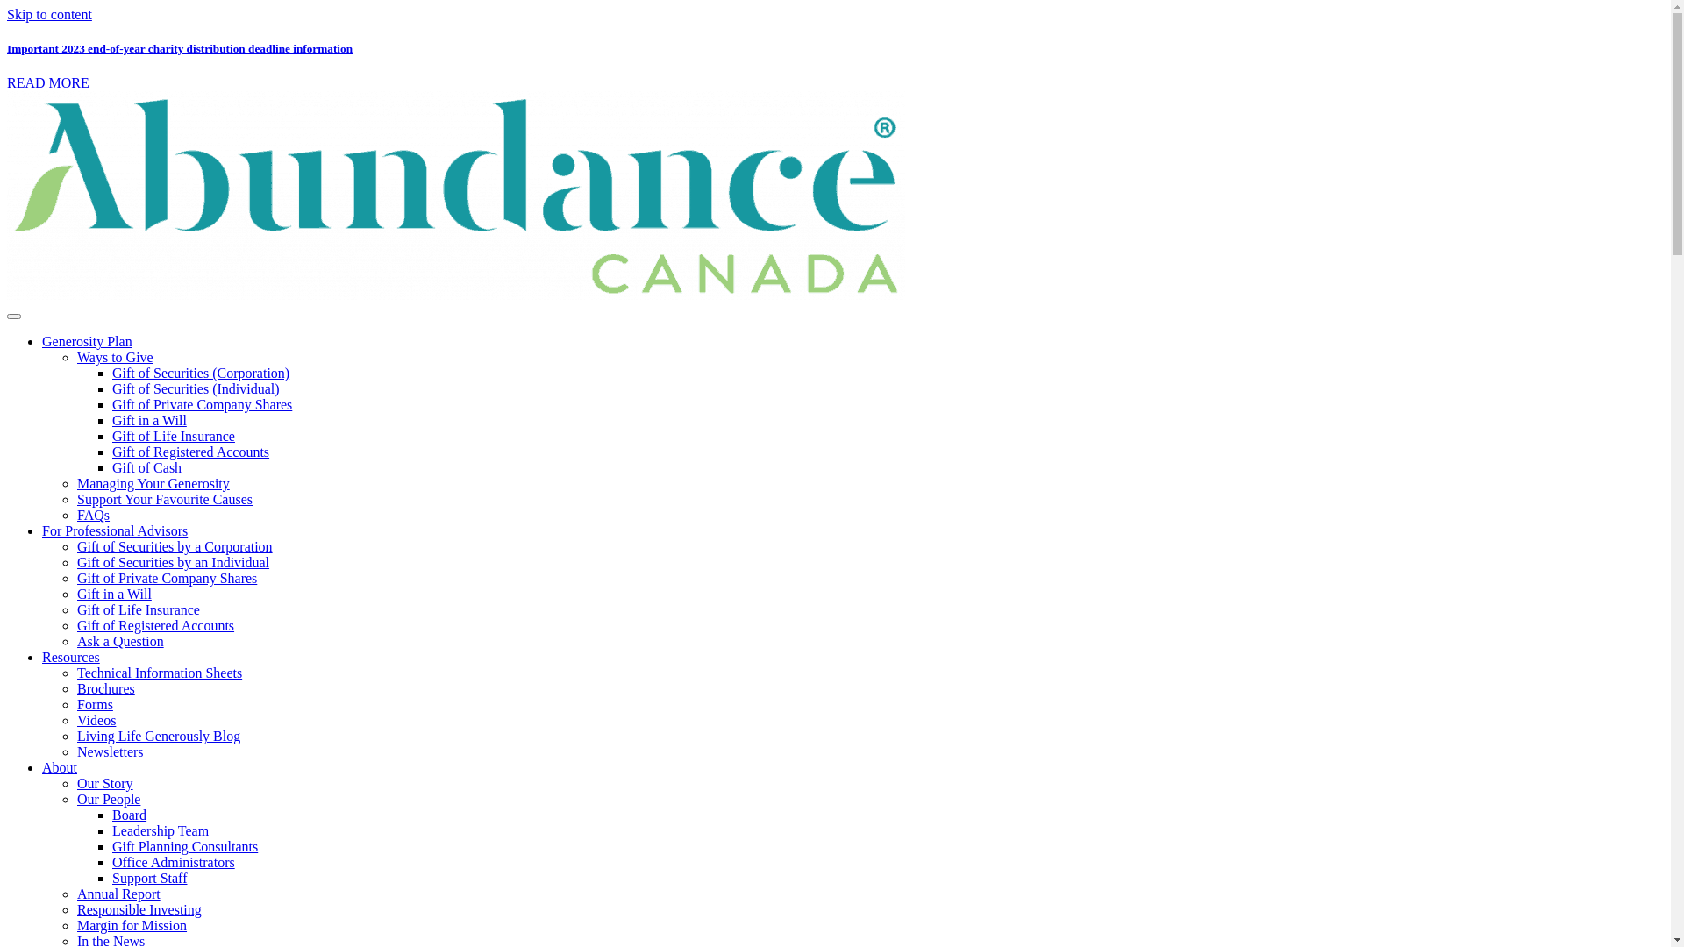 This screenshot has width=1684, height=947. I want to click on 'Forms', so click(94, 703).